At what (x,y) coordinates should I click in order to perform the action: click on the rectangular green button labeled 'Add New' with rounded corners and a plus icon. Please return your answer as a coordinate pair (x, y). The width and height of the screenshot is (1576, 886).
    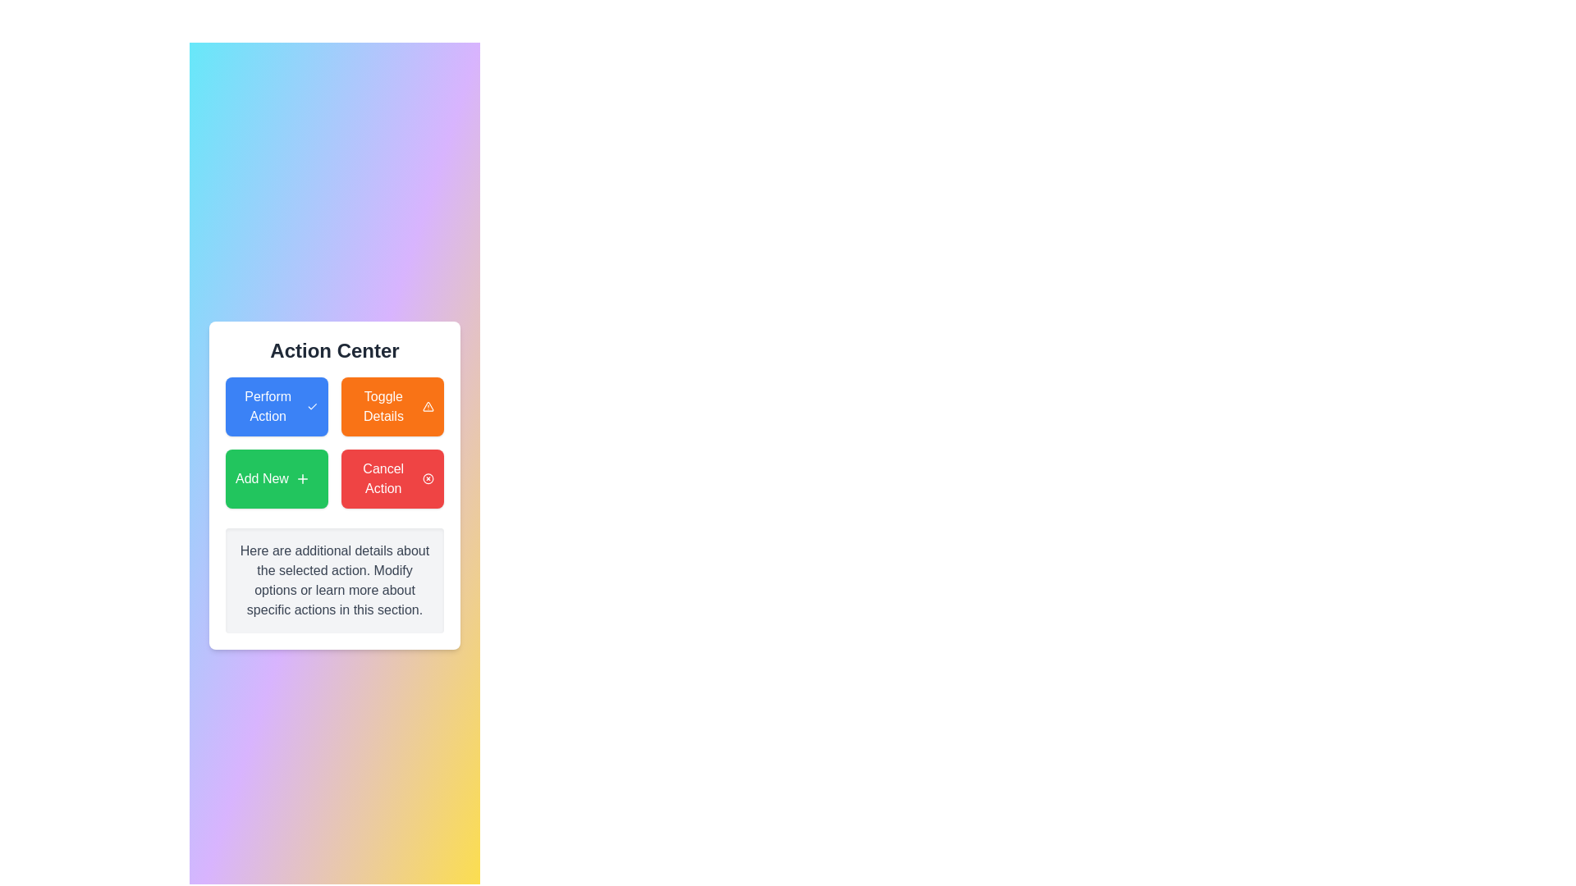
    Looking at the image, I should click on (277, 478).